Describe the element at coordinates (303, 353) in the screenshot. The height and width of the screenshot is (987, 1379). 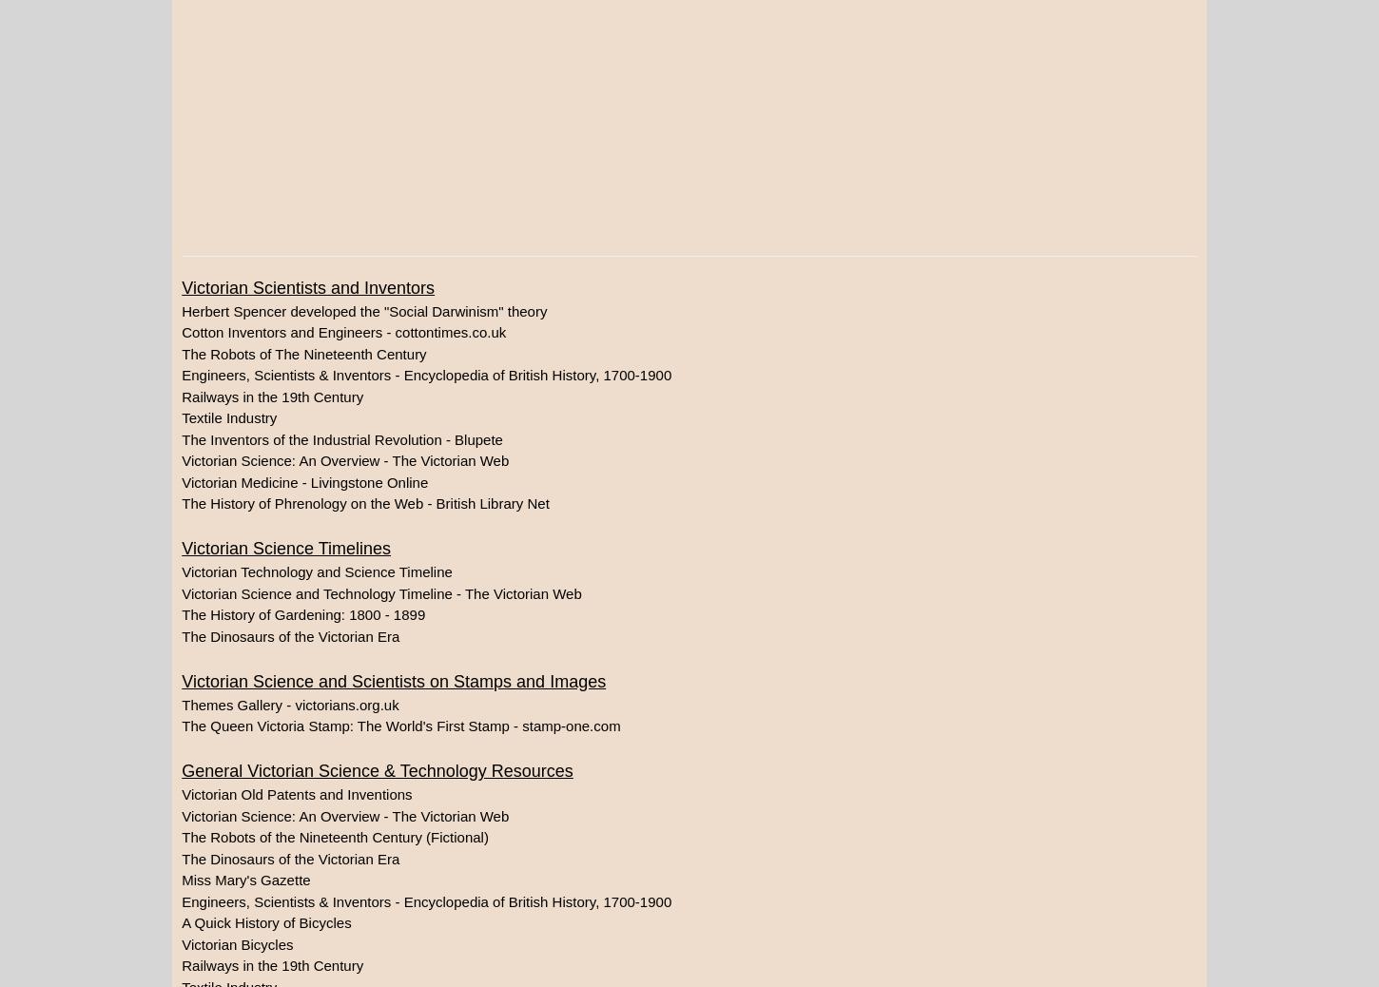
I see `'The Robots of The Nineteenth Century'` at that location.